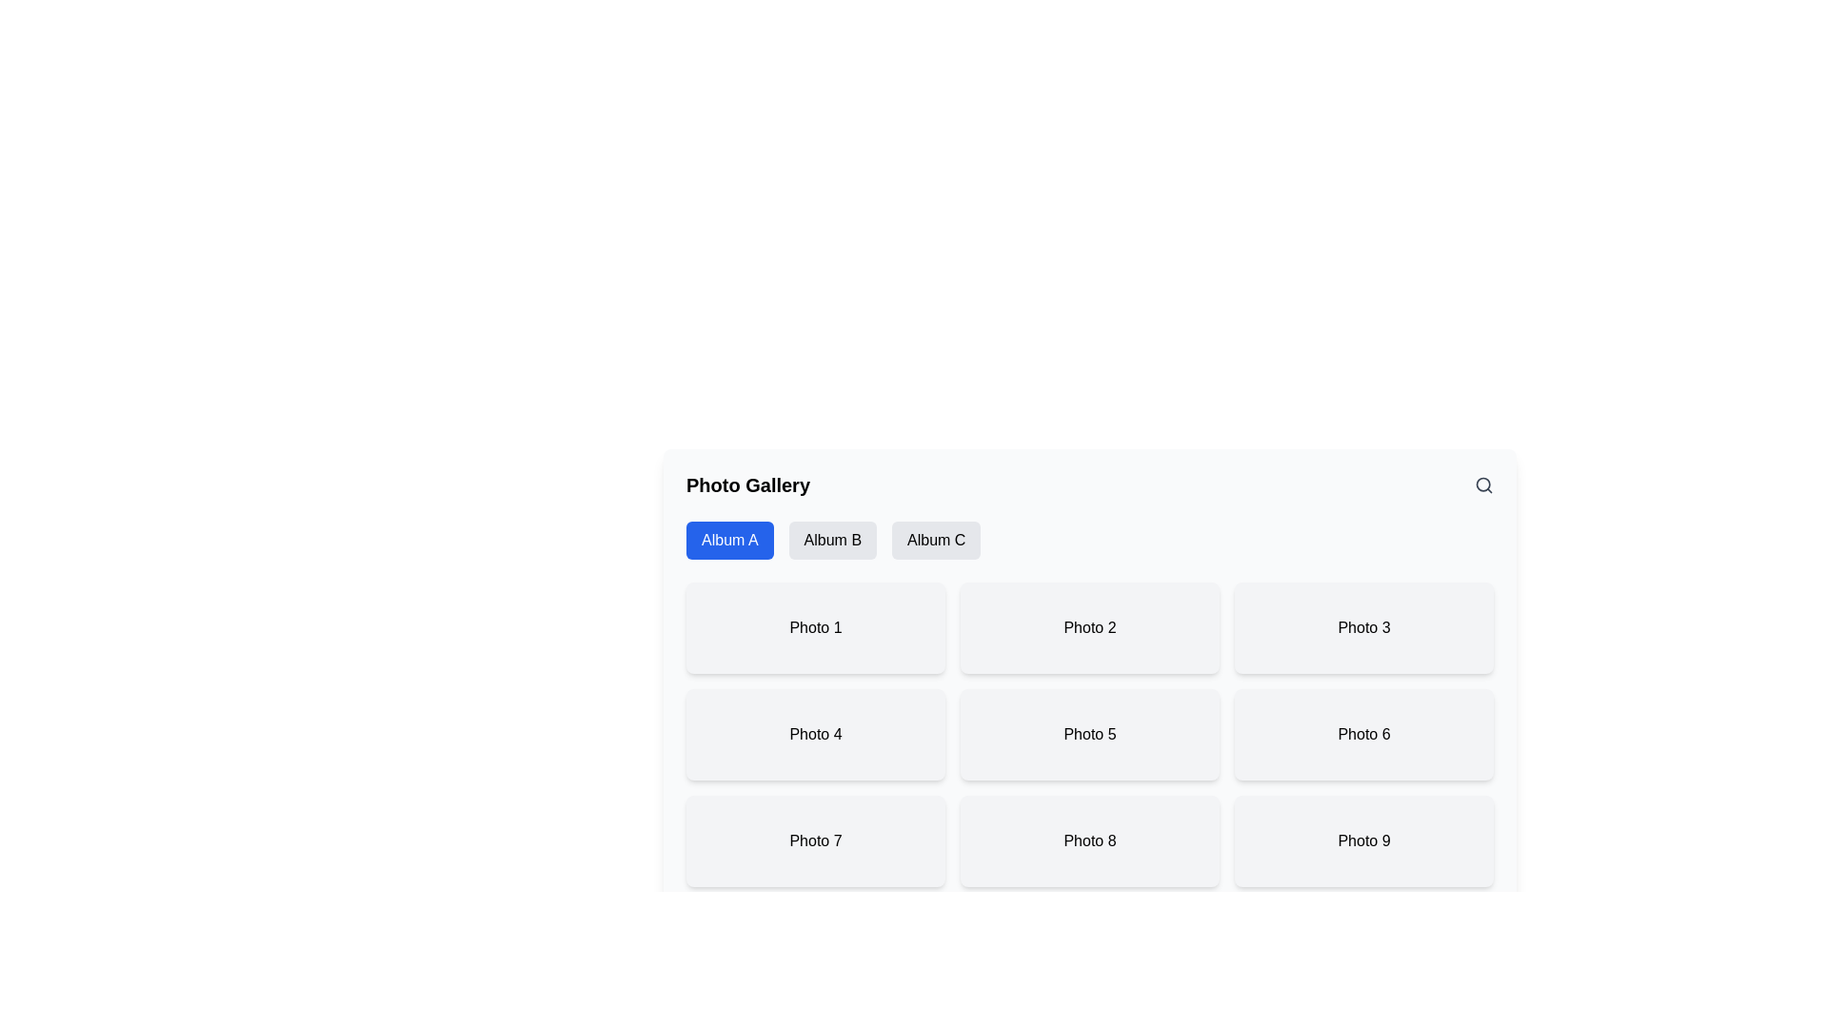 This screenshot has height=1028, width=1828. I want to click on the card labeled 'Photo 5' positioned in the second row and second column of the grid layout, so click(1090, 733).